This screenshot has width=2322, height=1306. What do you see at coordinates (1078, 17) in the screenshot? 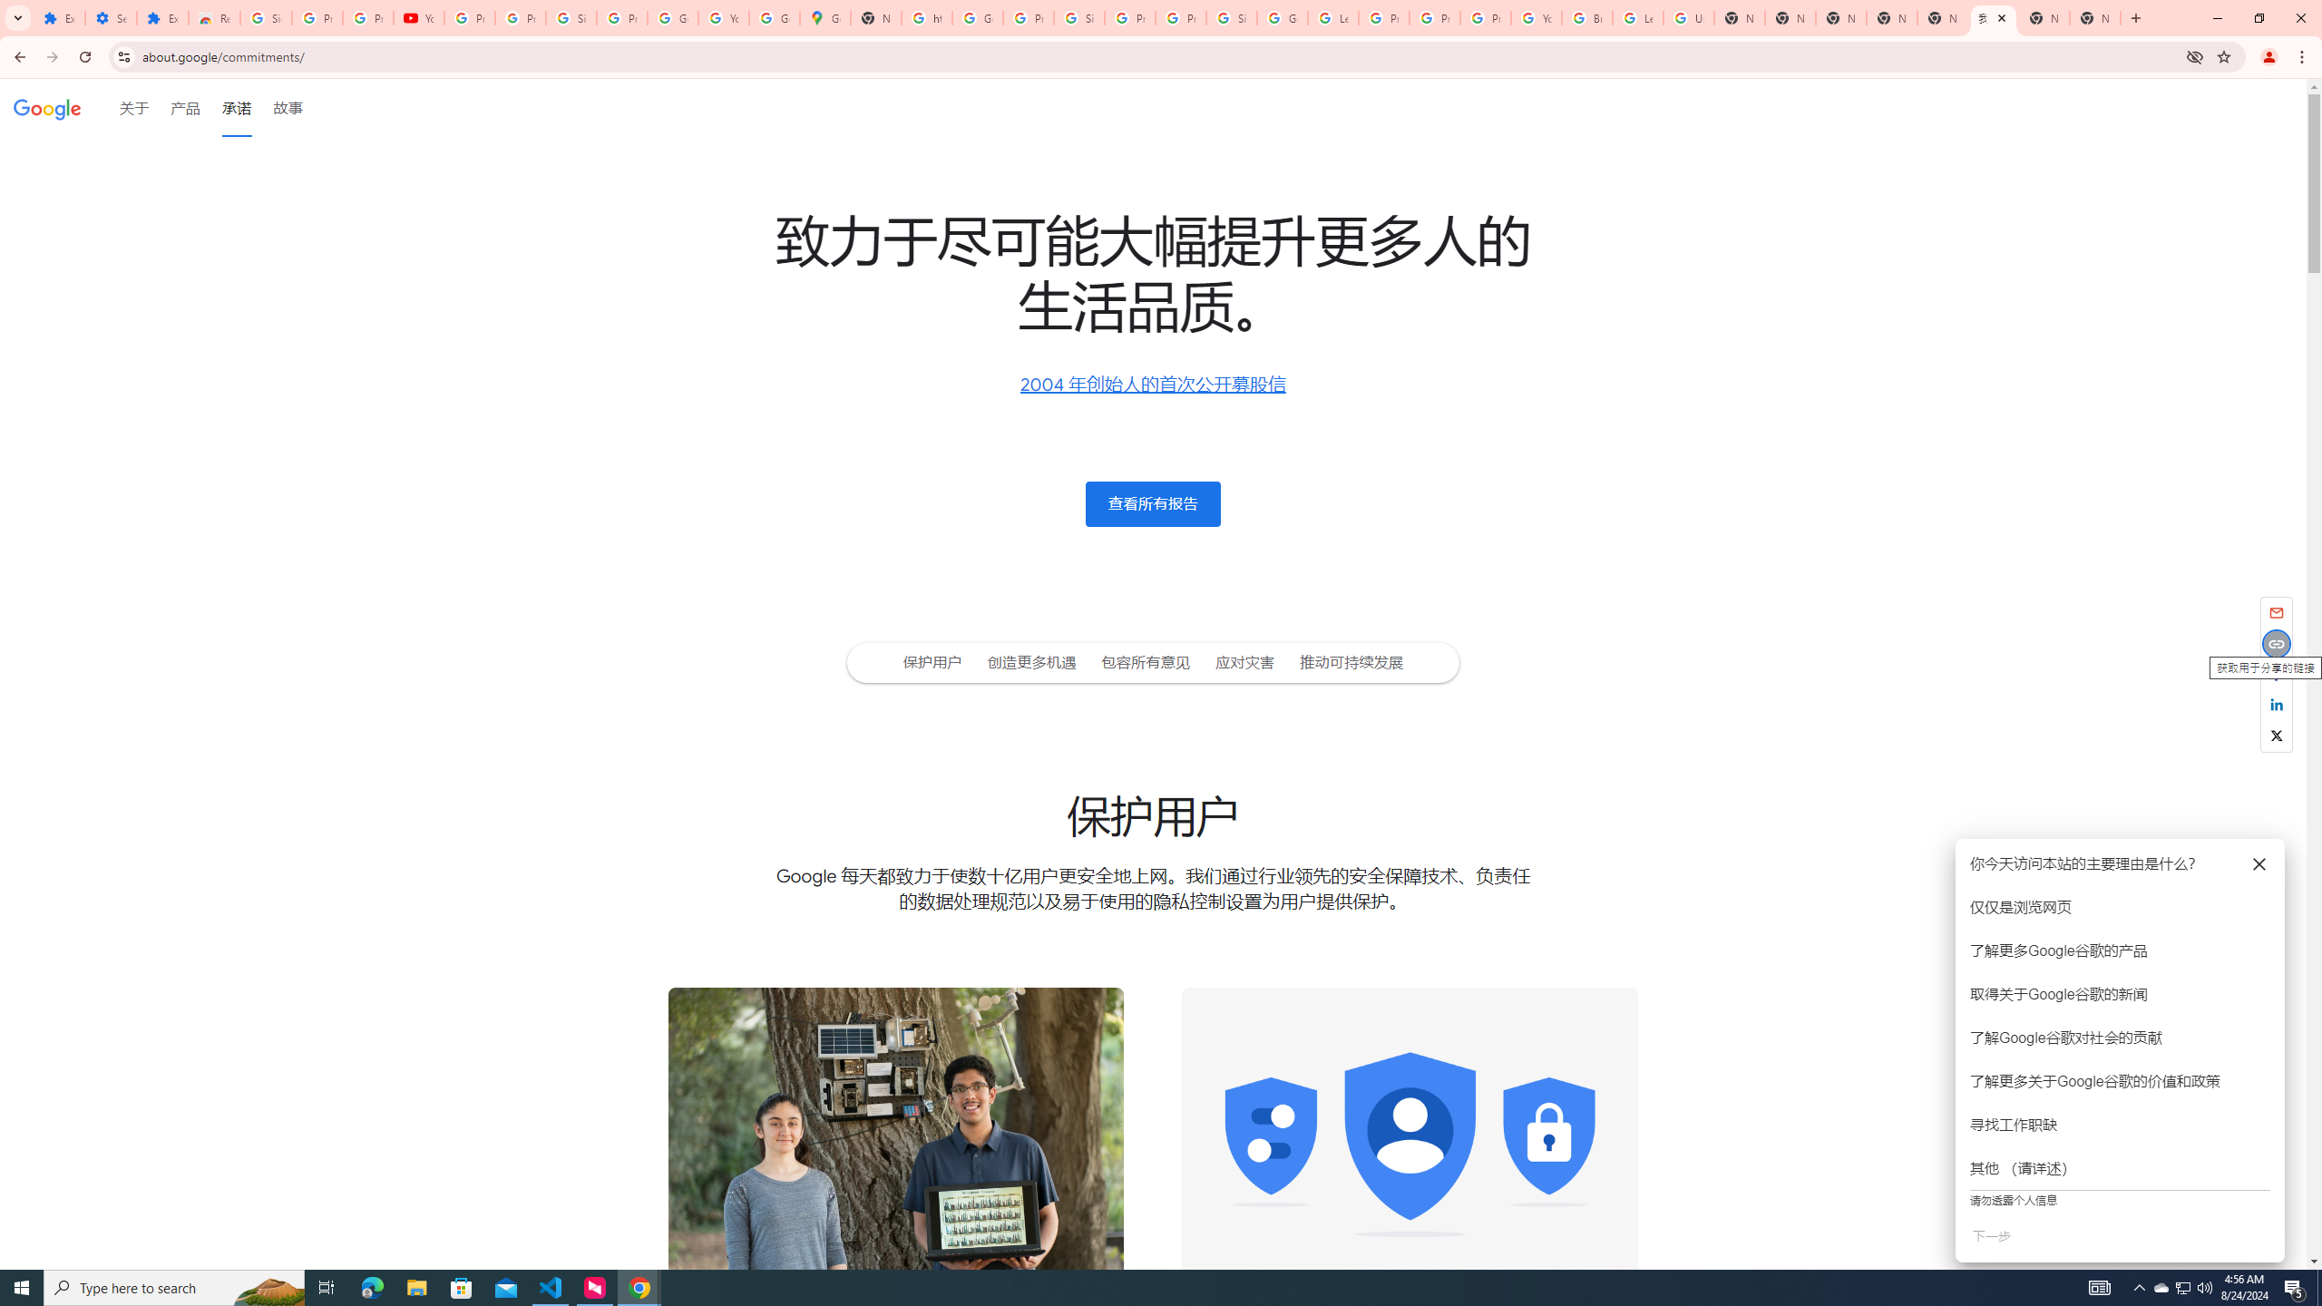
I see `'Sign in - Google Accounts'` at bounding box center [1078, 17].